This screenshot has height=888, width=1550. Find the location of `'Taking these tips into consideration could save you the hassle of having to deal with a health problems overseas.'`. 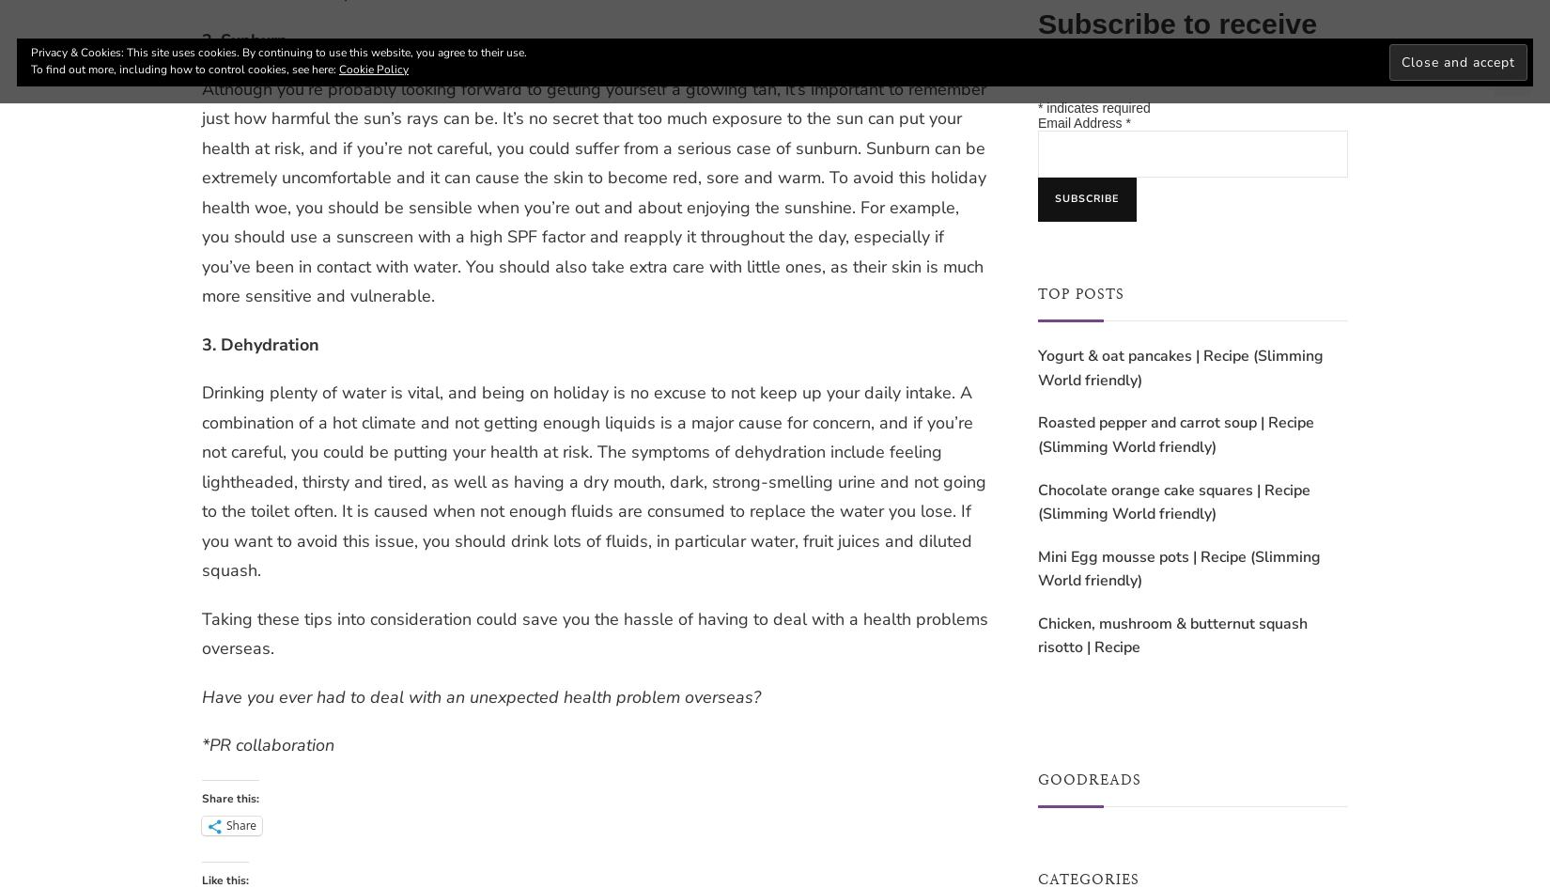

'Taking these tips into consideration could save you the hassle of having to deal with a health problems overseas.' is located at coordinates (594, 631).